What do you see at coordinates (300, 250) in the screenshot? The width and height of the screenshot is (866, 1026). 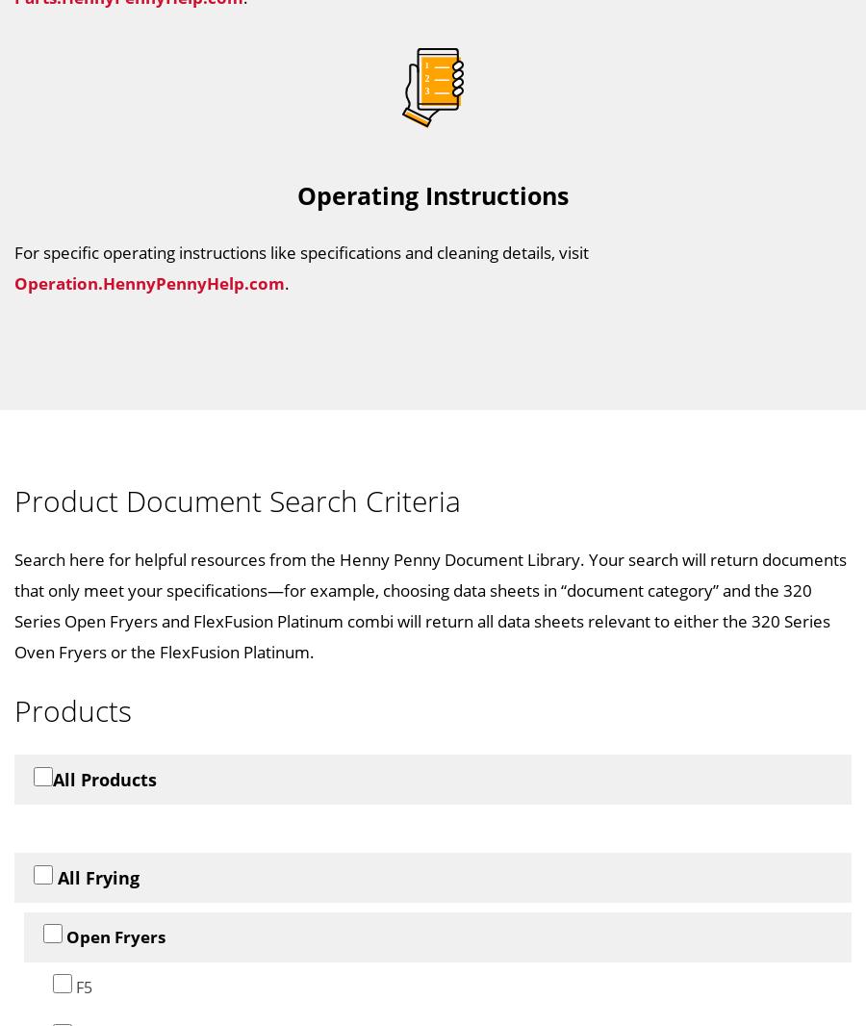 I see `'For specific operating instructions like specifications and cleaning details, visit'` at bounding box center [300, 250].